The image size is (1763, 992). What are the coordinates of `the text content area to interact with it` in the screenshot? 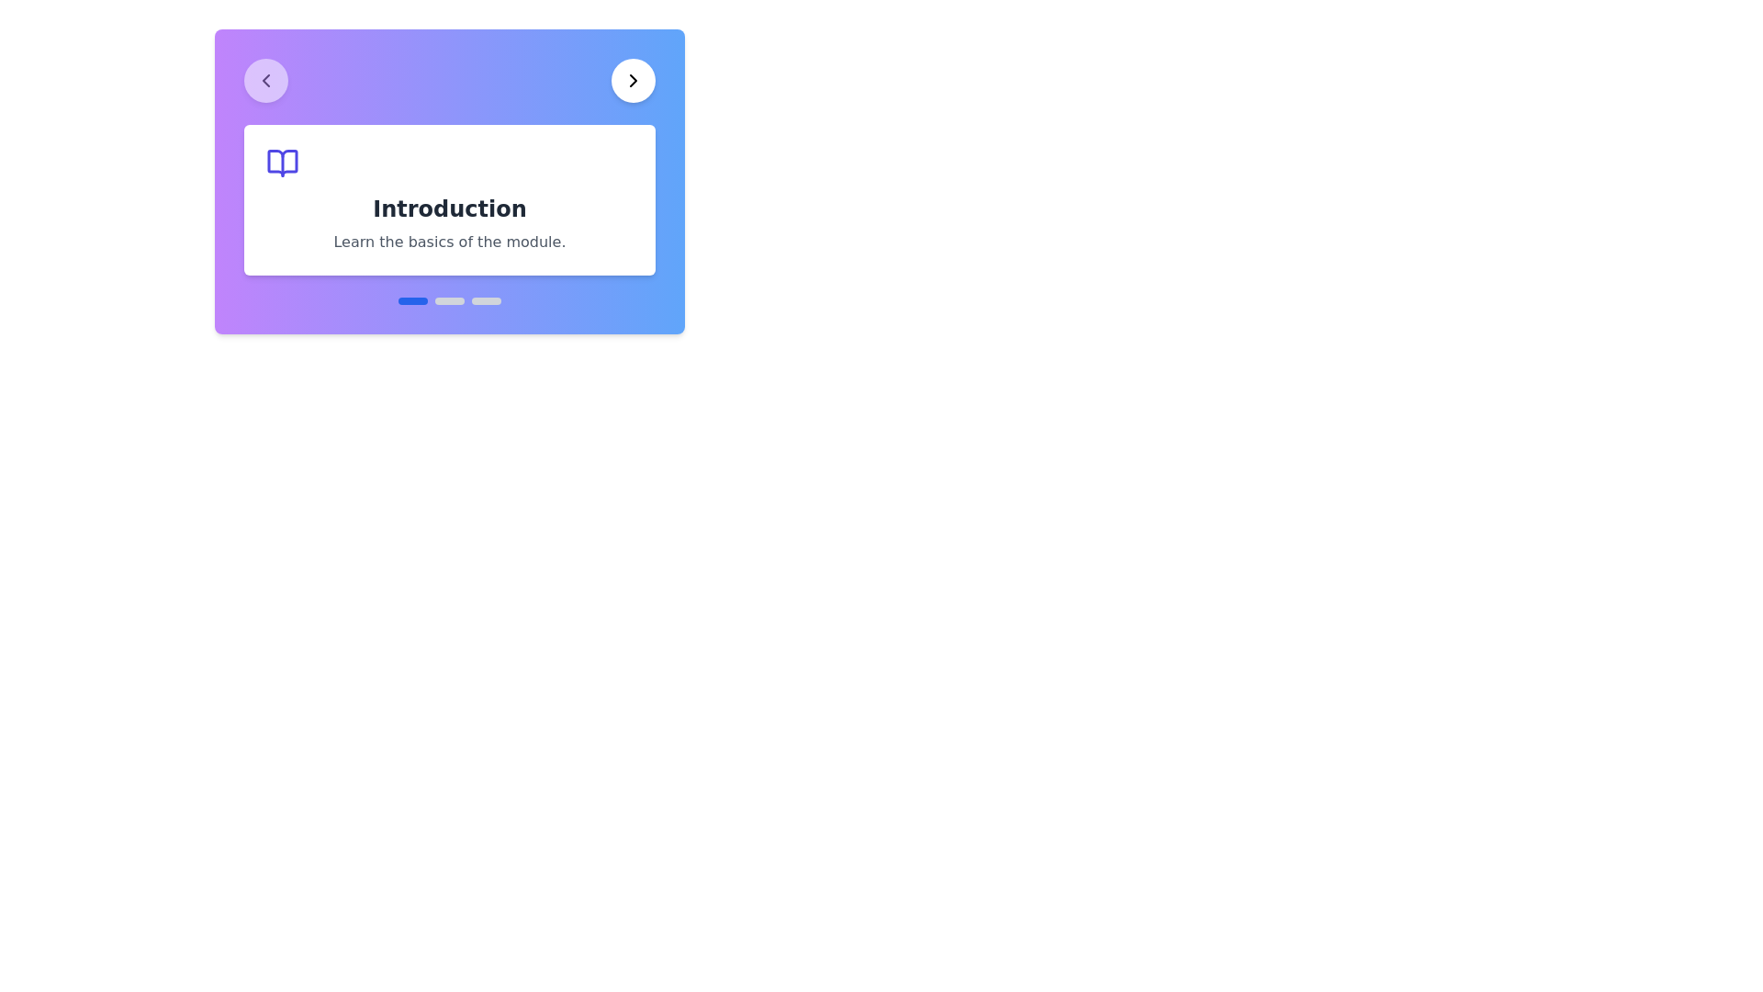 It's located at (449, 200).